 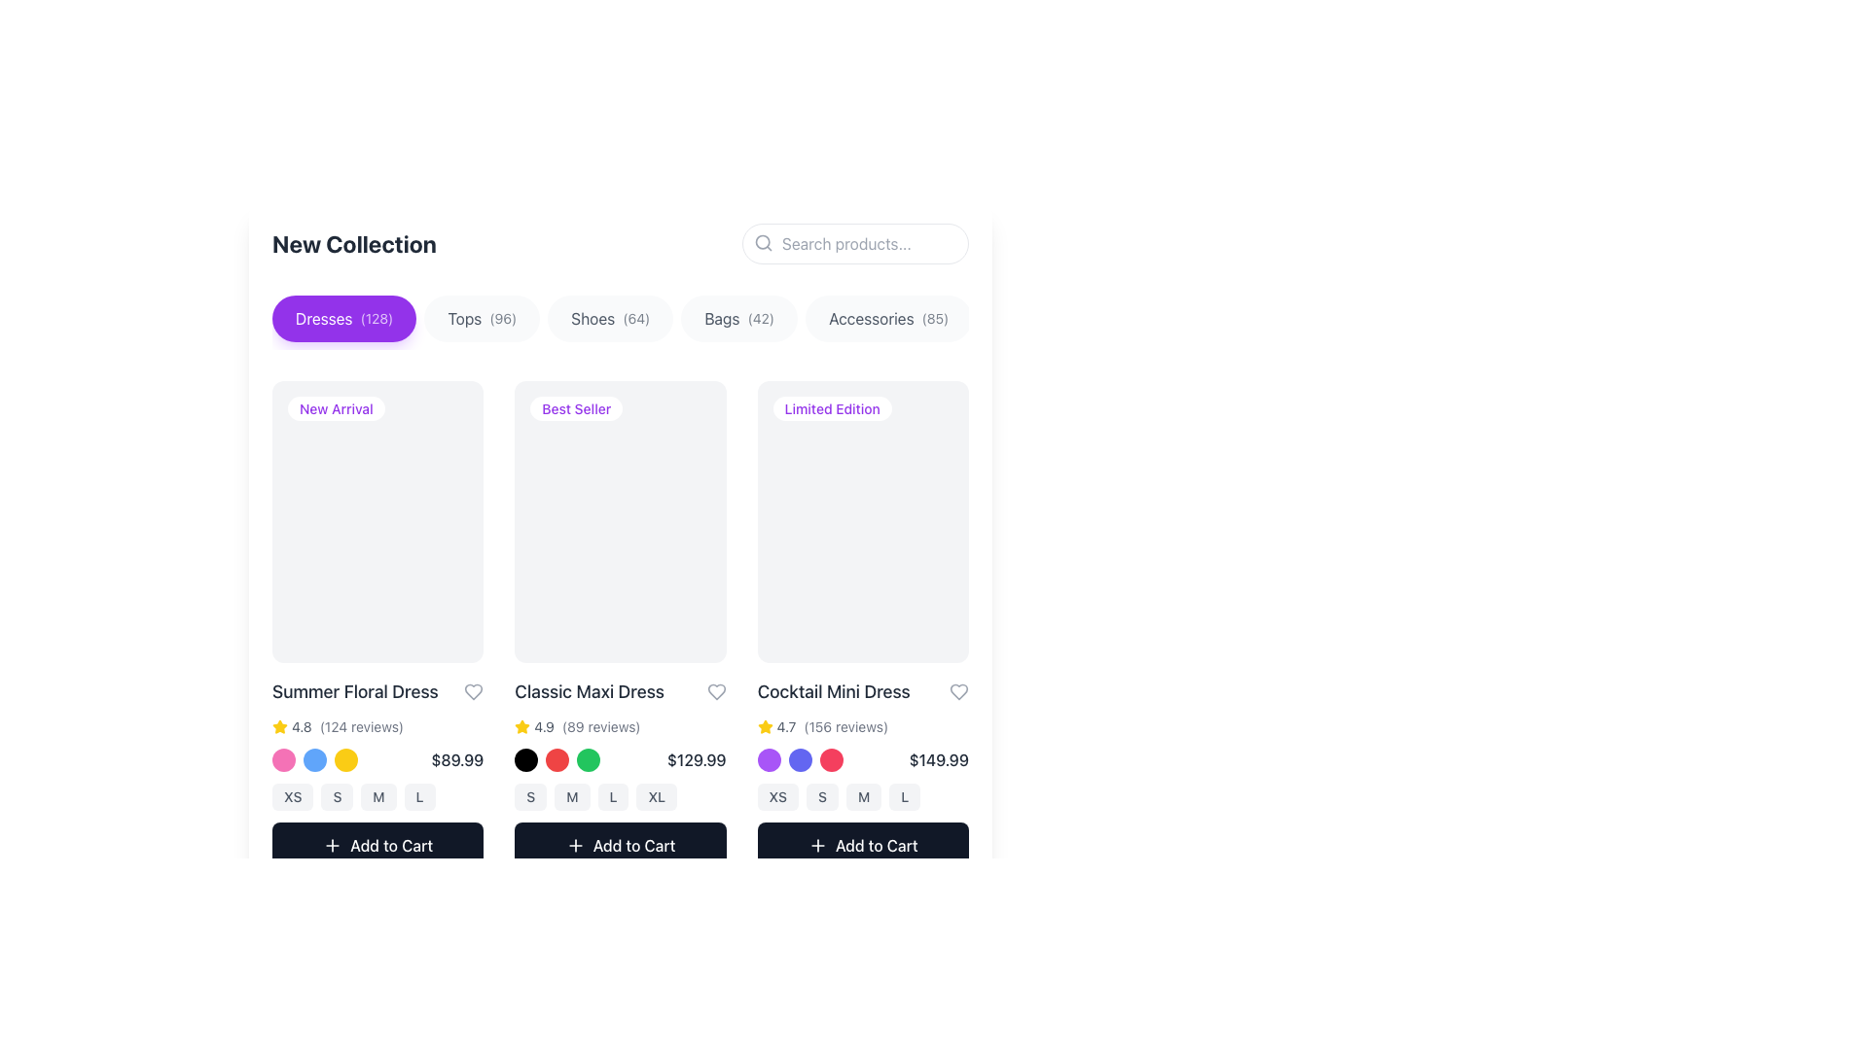 What do you see at coordinates (862, 796) in the screenshot?
I see `the 'M' size button for the 'Cocktail Mini Dress' product, which is the third option in the horizontal list of size options displayed below the product card` at bounding box center [862, 796].